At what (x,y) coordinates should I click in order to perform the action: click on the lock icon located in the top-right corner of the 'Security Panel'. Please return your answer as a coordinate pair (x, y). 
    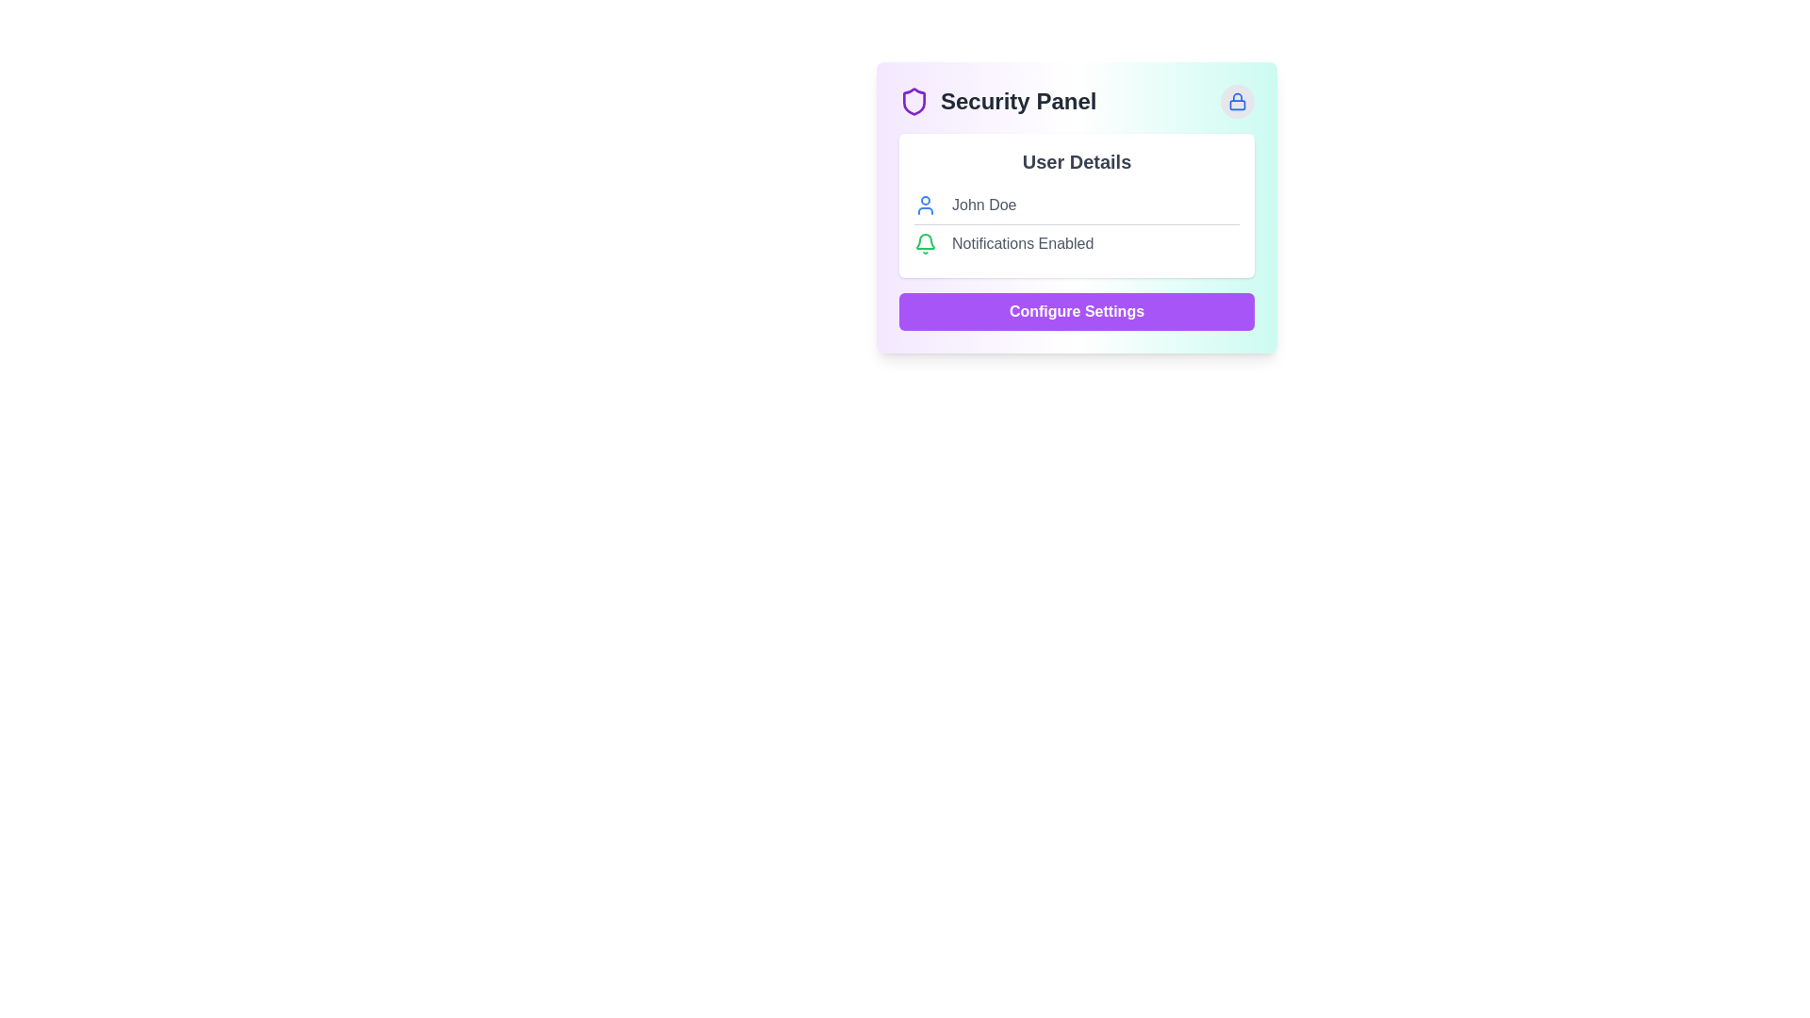
    Looking at the image, I should click on (1238, 102).